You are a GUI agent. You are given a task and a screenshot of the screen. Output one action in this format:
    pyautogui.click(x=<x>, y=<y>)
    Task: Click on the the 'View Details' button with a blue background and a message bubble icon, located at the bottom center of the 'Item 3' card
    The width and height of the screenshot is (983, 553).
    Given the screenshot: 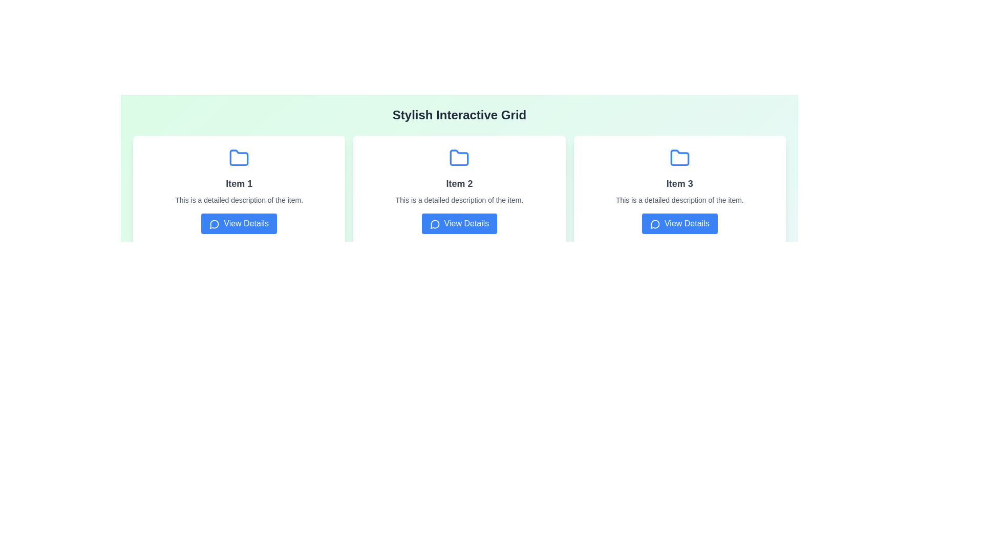 What is the action you would take?
    pyautogui.click(x=679, y=223)
    